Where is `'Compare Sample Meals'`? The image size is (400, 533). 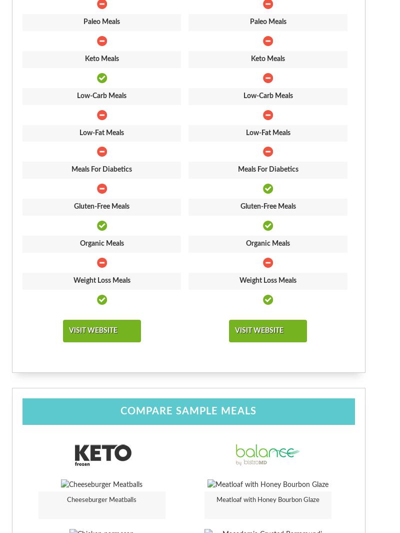
'Compare Sample Meals' is located at coordinates (188, 411).